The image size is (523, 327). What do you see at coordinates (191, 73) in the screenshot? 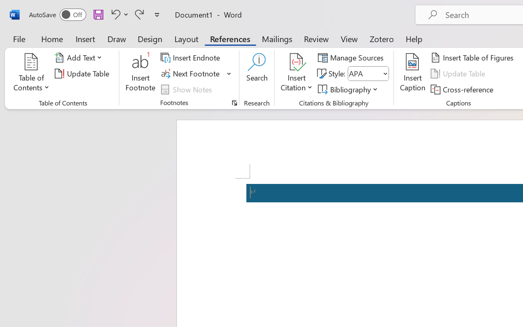
I see `'Next Footnote'` at bounding box center [191, 73].